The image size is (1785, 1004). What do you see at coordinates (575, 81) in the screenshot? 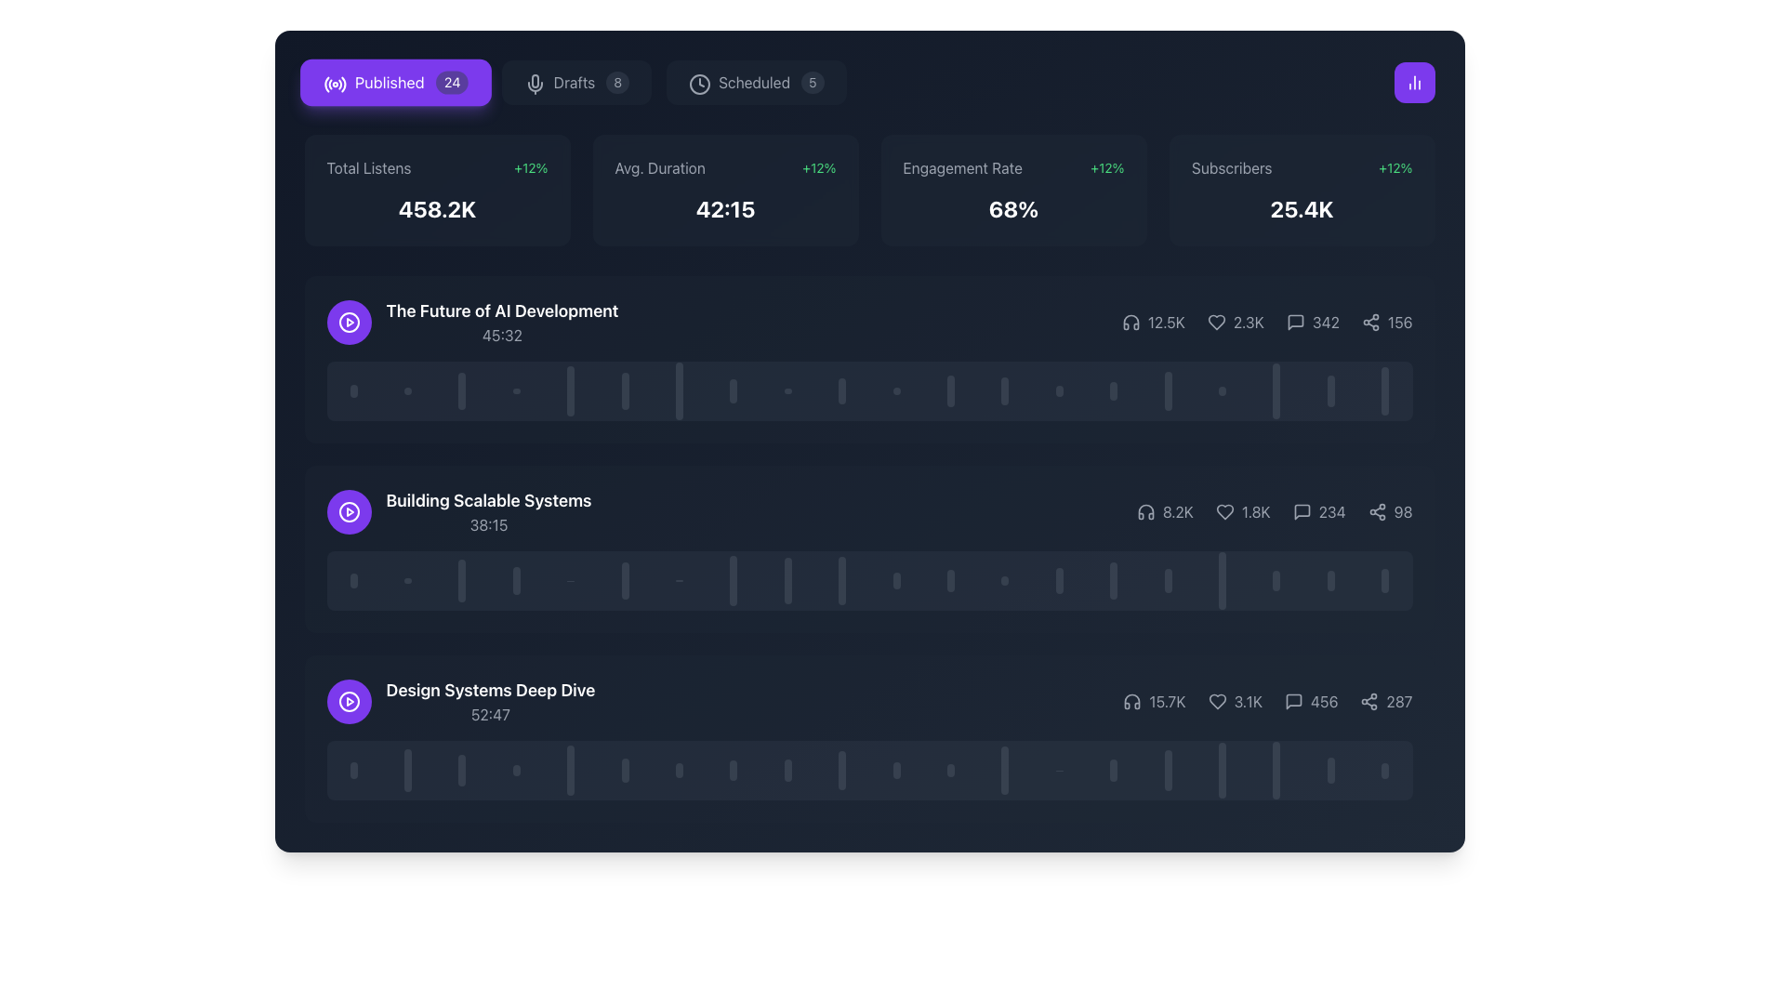
I see `the 'Drafts' button, which is the second button in a horizontal set, featuring the text 'Drafts' and the number '8' with a microphone icon to the left` at bounding box center [575, 81].